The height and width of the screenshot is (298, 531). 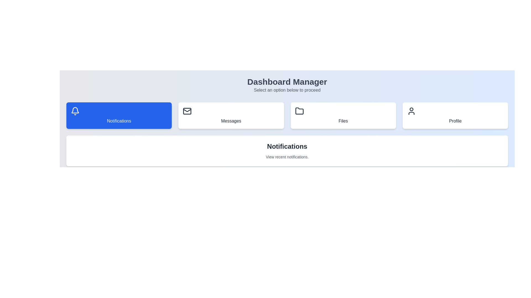 I want to click on the first button in the horizontal row that navigates to the 'Notifications' section, so click(x=119, y=115).